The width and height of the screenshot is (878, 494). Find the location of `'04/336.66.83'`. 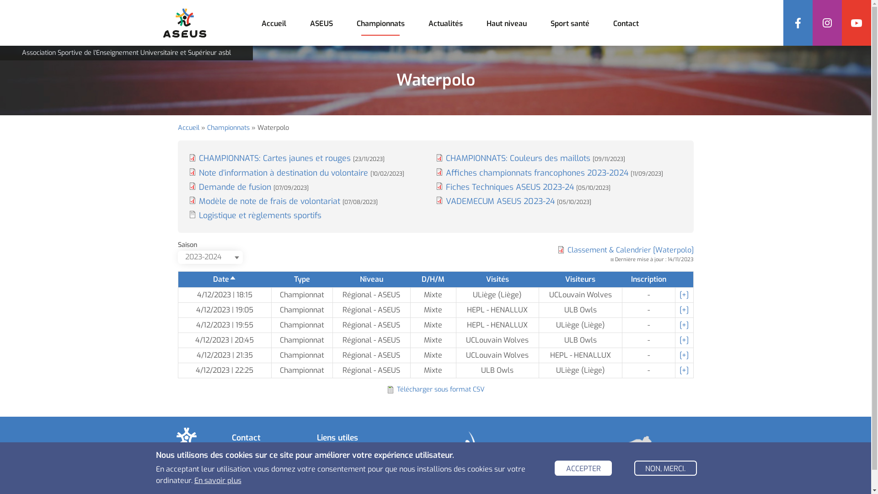

'04/336.66.83' is located at coordinates (267, 461).